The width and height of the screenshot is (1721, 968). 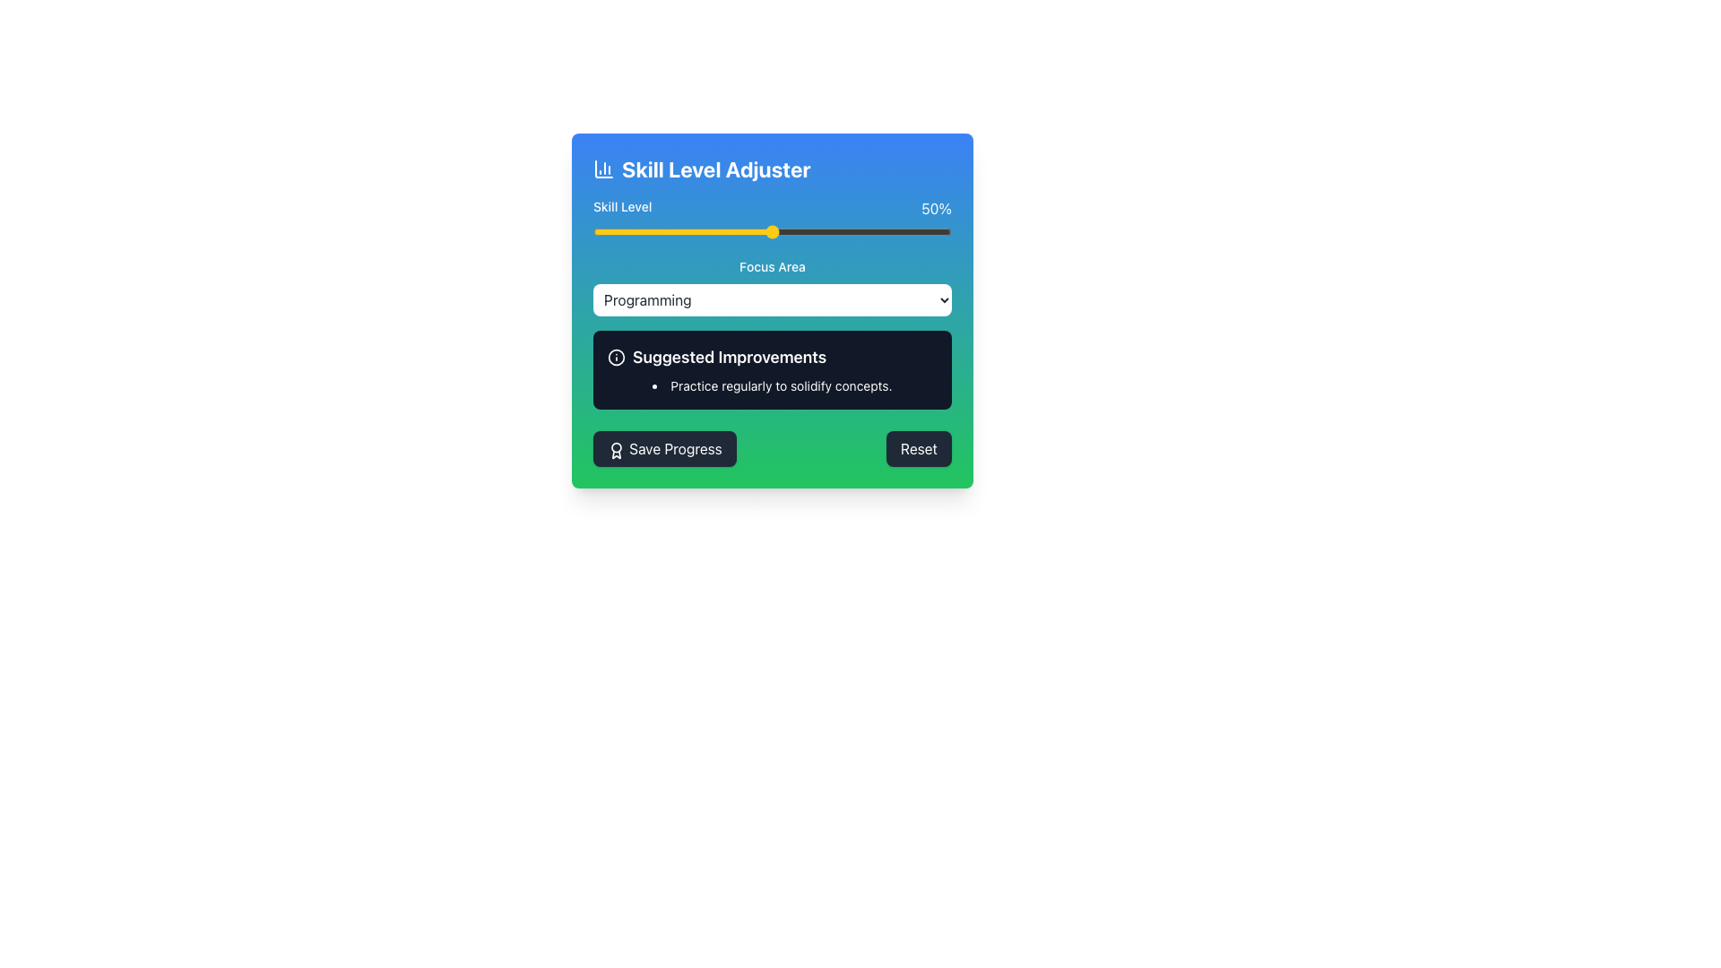 What do you see at coordinates (779, 230) in the screenshot?
I see `the skill level` at bounding box center [779, 230].